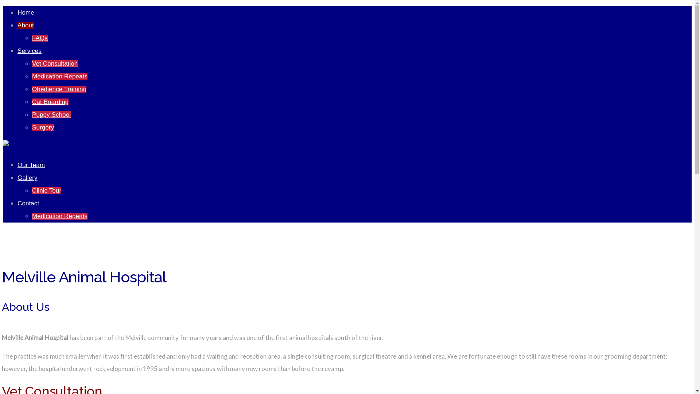 This screenshot has height=394, width=700. I want to click on 'Vet Consultation', so click(54, 63).